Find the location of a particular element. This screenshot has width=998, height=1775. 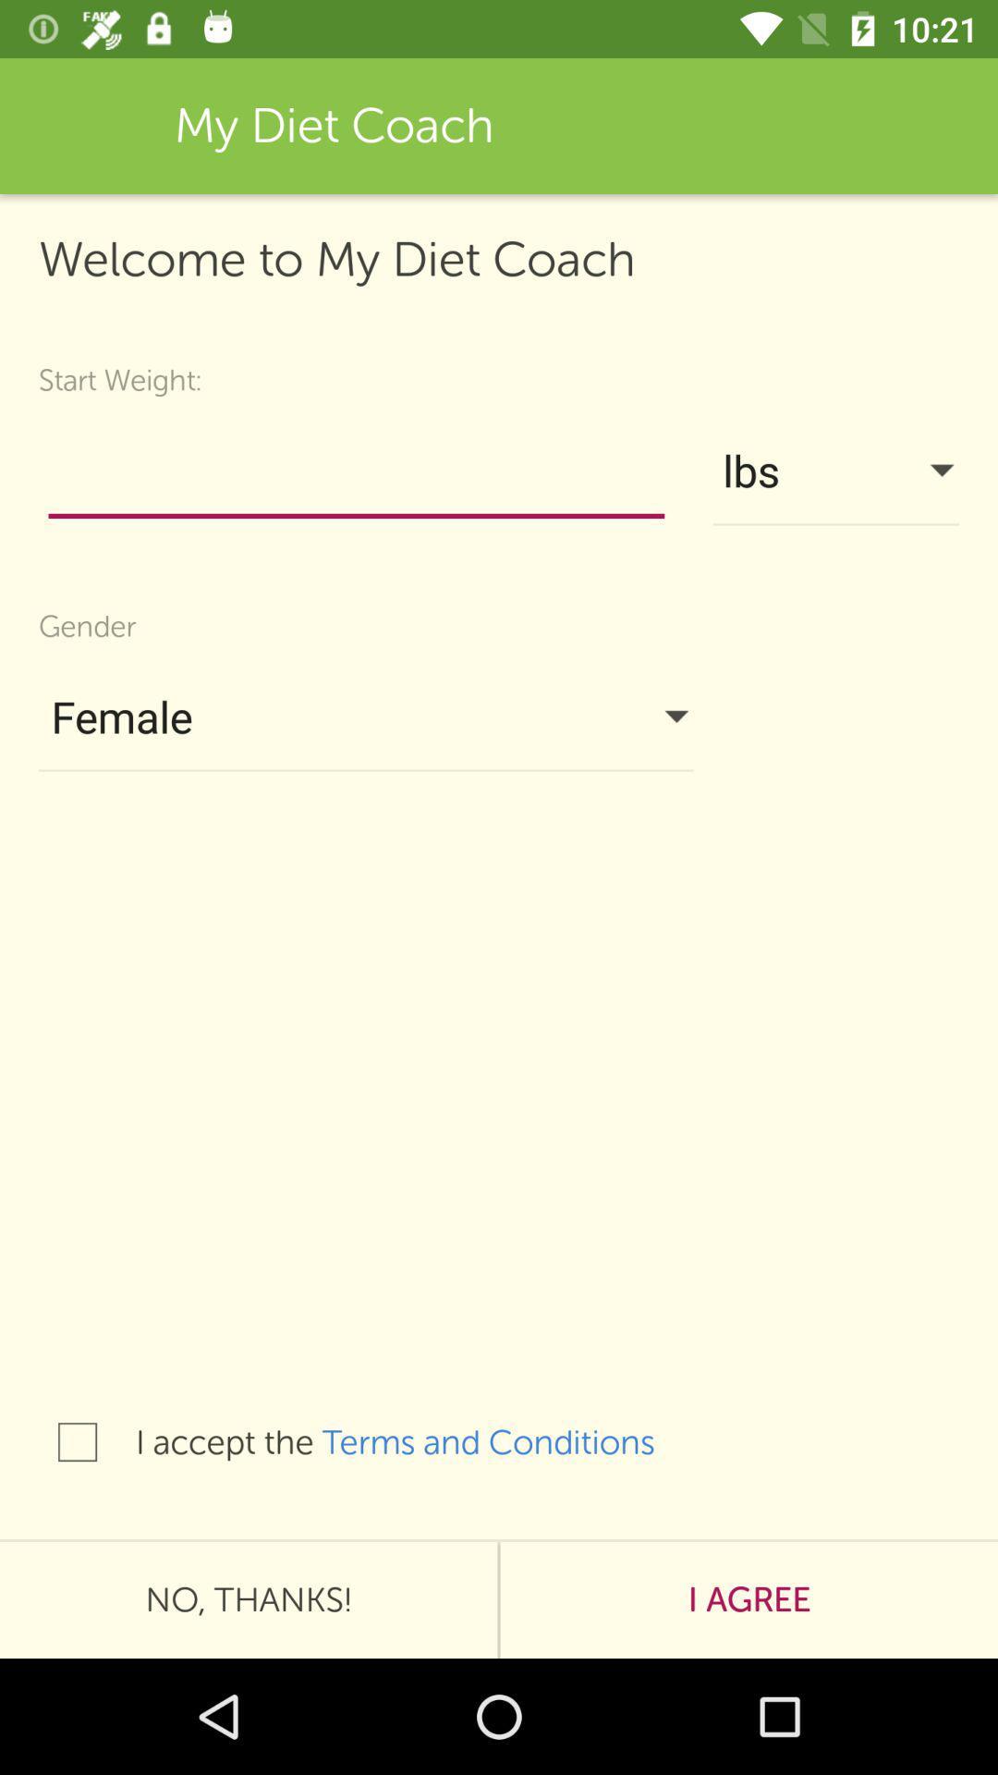

i agree item is located at coordinates (748, 1599).